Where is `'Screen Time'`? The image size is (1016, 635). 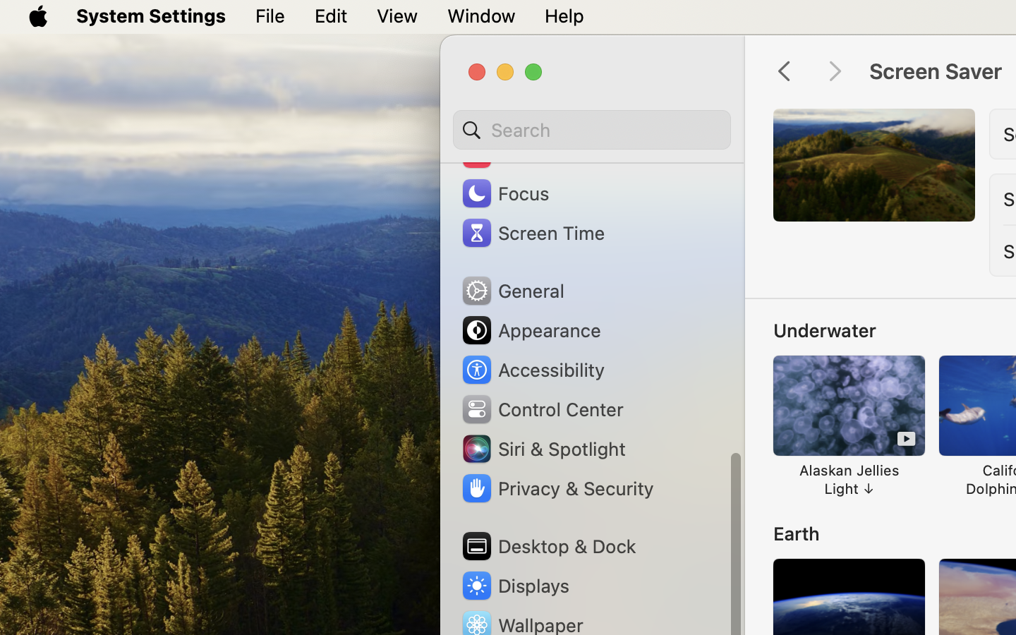
'Screen Time' is located at coordinates (531, 232).